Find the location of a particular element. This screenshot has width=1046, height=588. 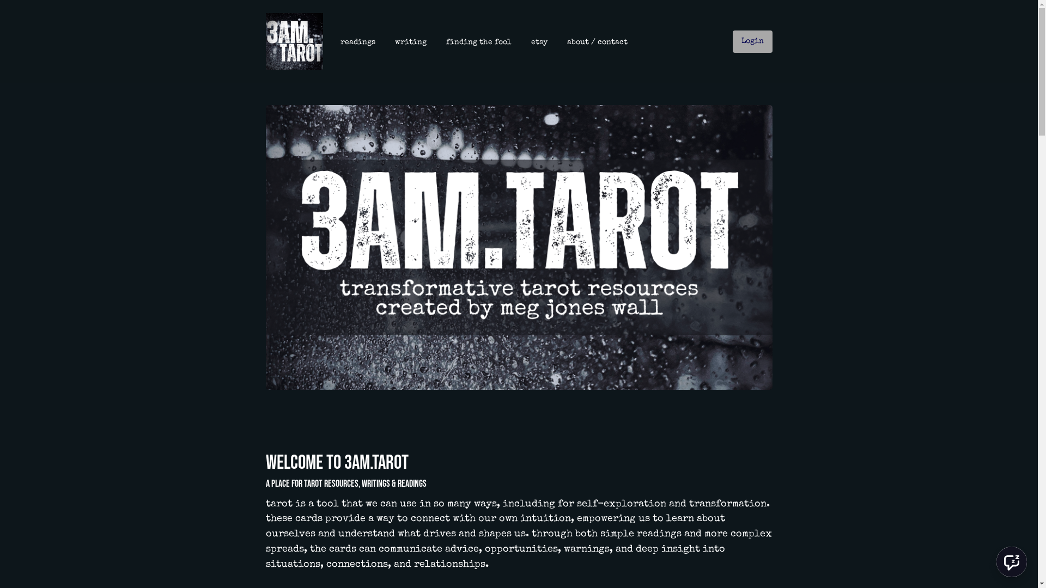

'about / contact' is located at coordinates (596, 41).